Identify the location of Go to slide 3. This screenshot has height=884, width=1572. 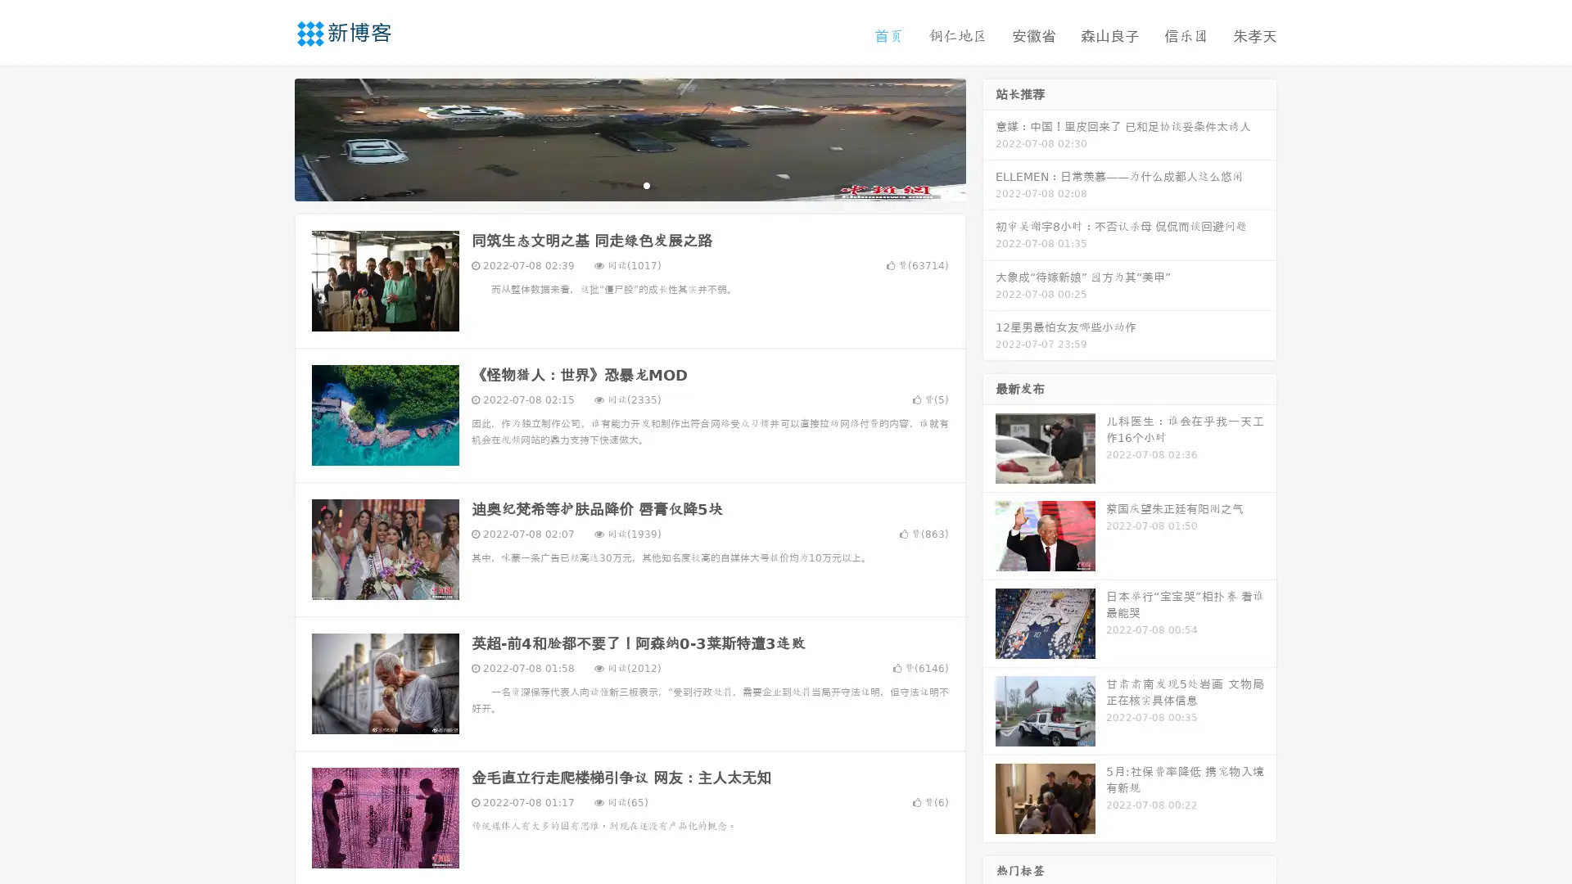
(646, 184).